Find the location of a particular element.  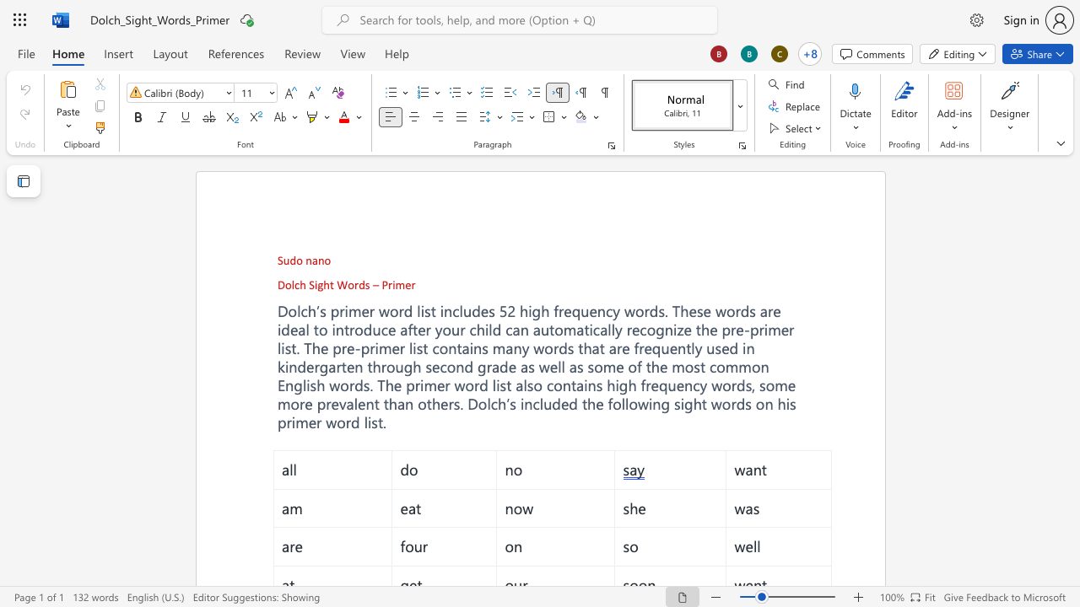

the space between the continuous character "l" and "c" in the text is located at coordinates (294, 283).